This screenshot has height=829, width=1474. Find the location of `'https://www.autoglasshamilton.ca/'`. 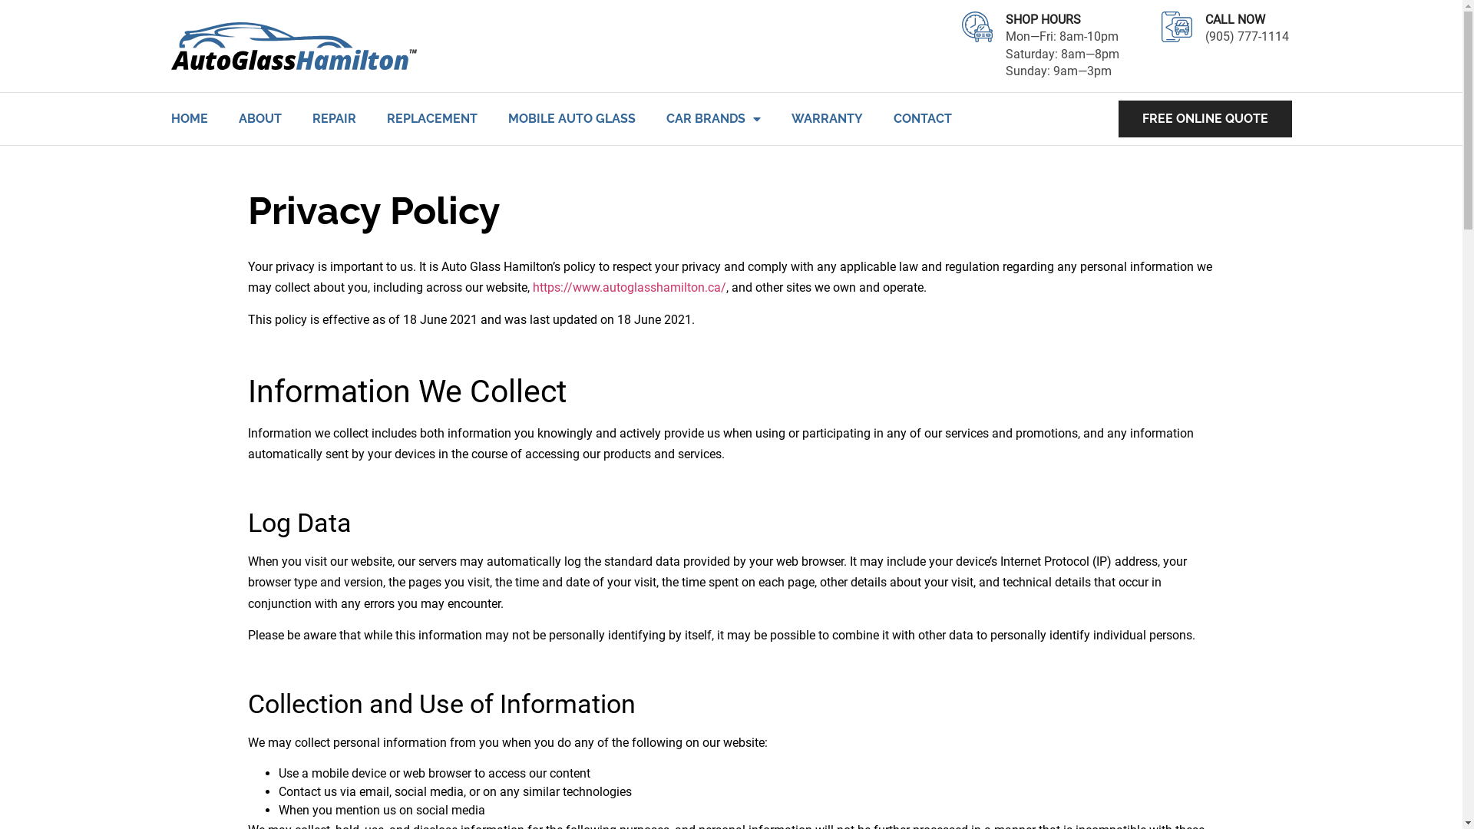

'https://www.autoglasshamilton.ca/' is located at coordinates (533, 287).